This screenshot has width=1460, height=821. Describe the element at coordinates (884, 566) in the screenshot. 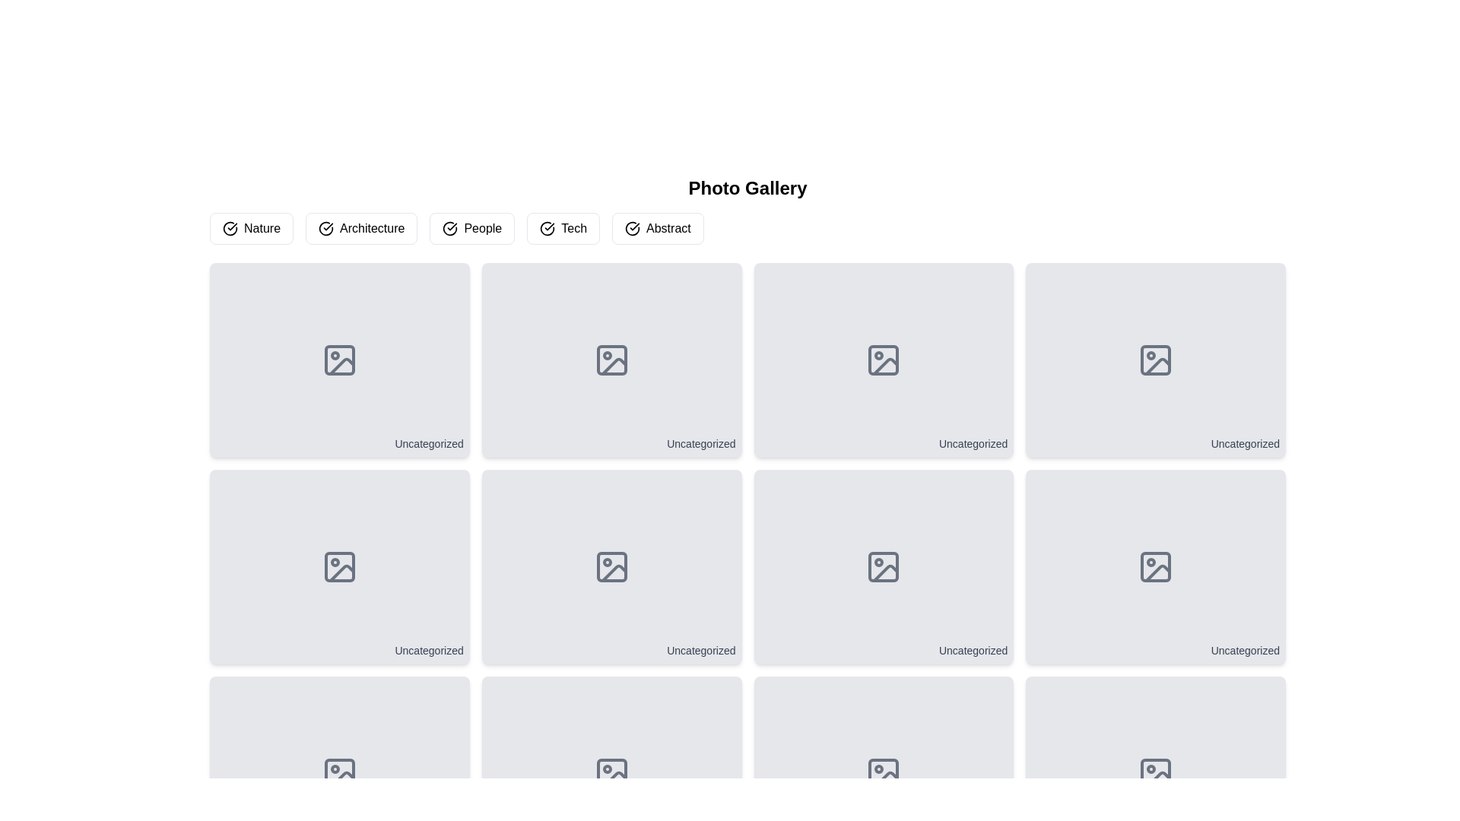

I see `the small icon representing an image with a dark gray stroke, located in the third row and fourth column of the grid layout` at that location.